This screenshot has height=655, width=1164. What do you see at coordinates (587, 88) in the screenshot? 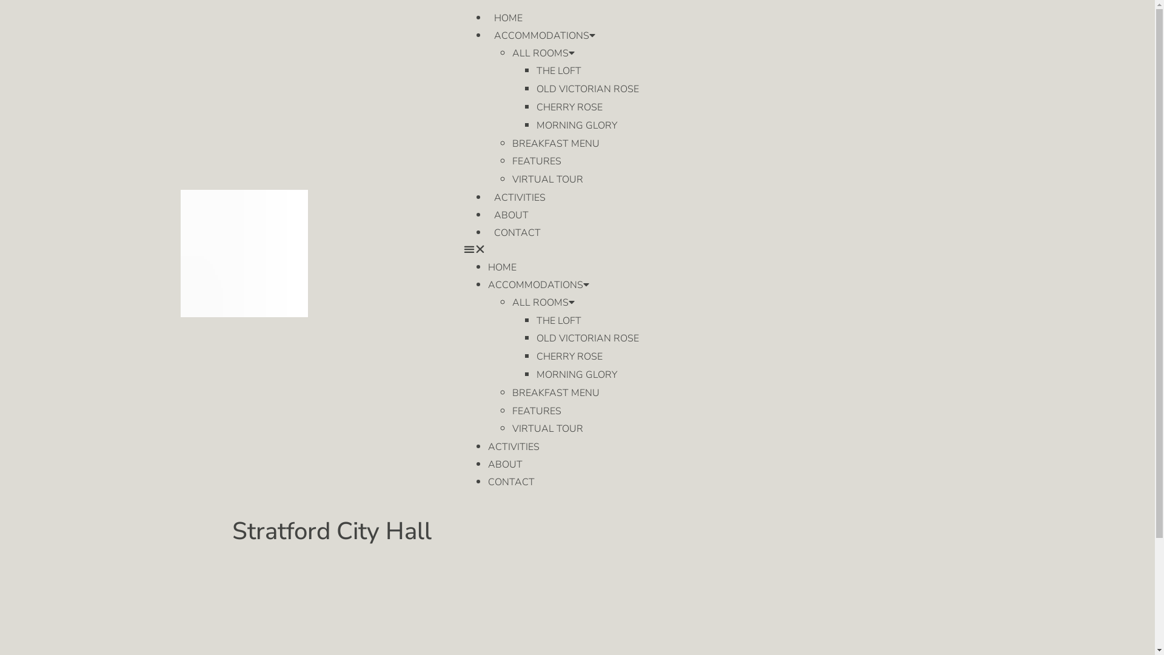
I see `'OLD VICTORIAN ROSE'` at bounding box center [587, 88].